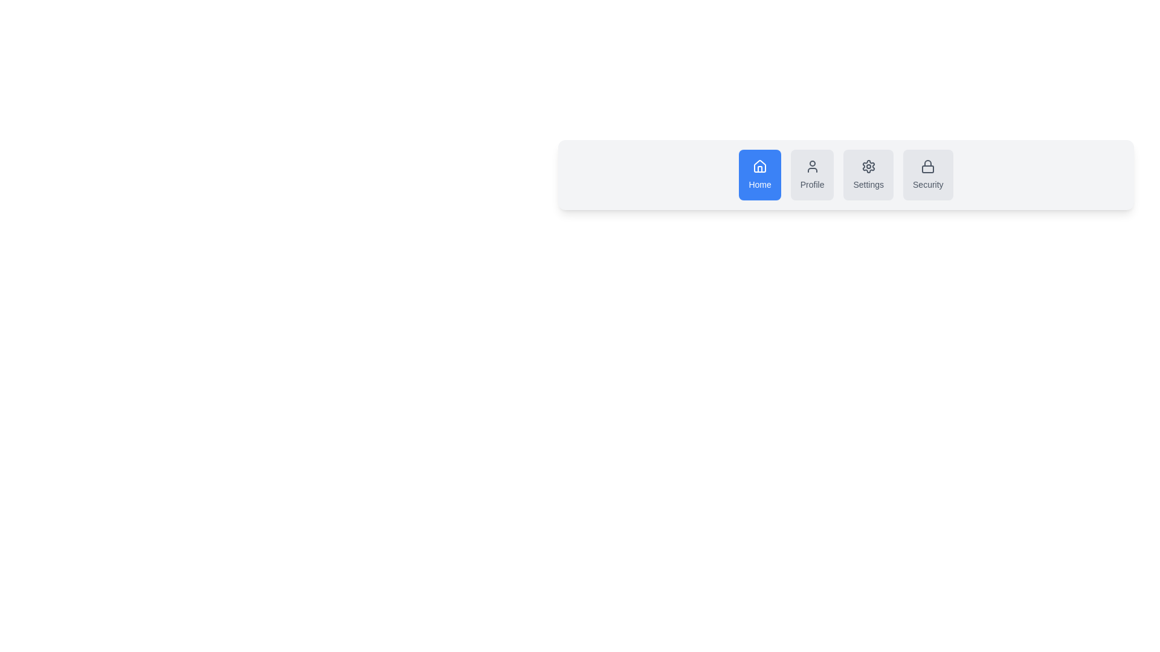  I want to click on the Security button, so click(927, 174).